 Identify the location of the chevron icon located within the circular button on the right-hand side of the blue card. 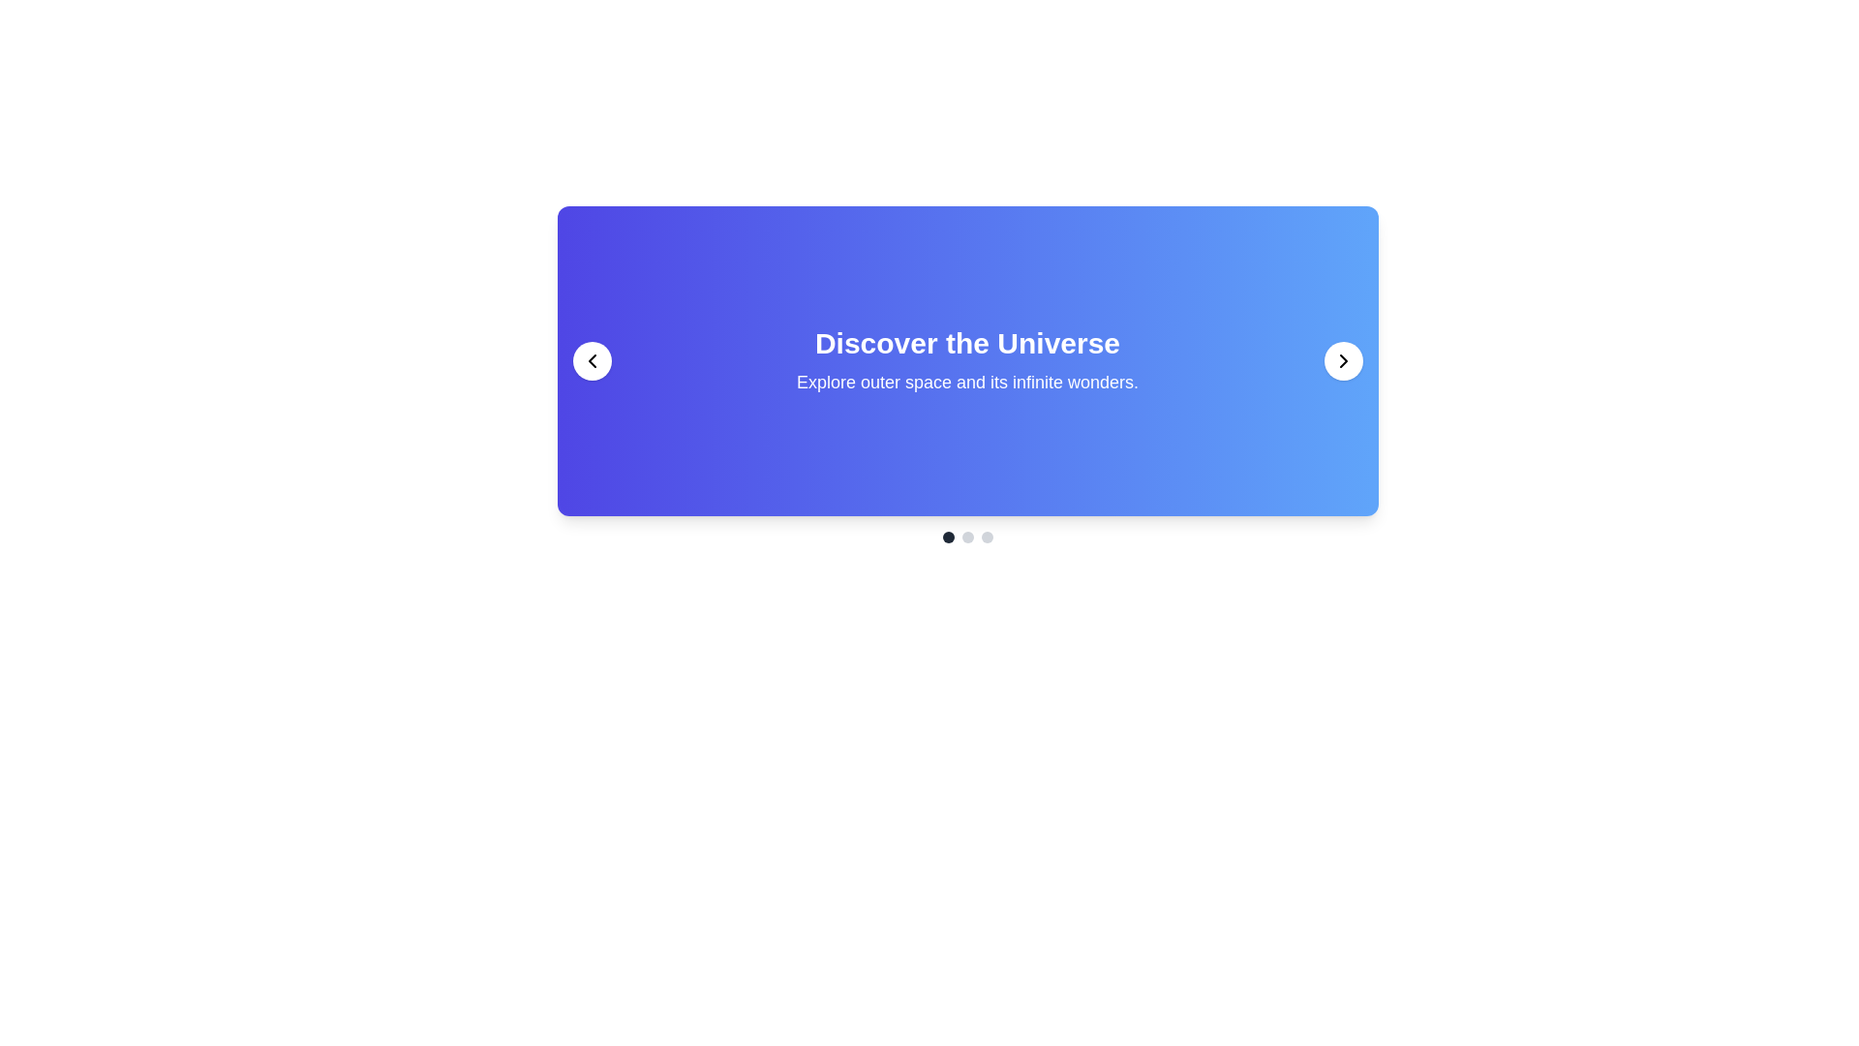
(1342, 361).